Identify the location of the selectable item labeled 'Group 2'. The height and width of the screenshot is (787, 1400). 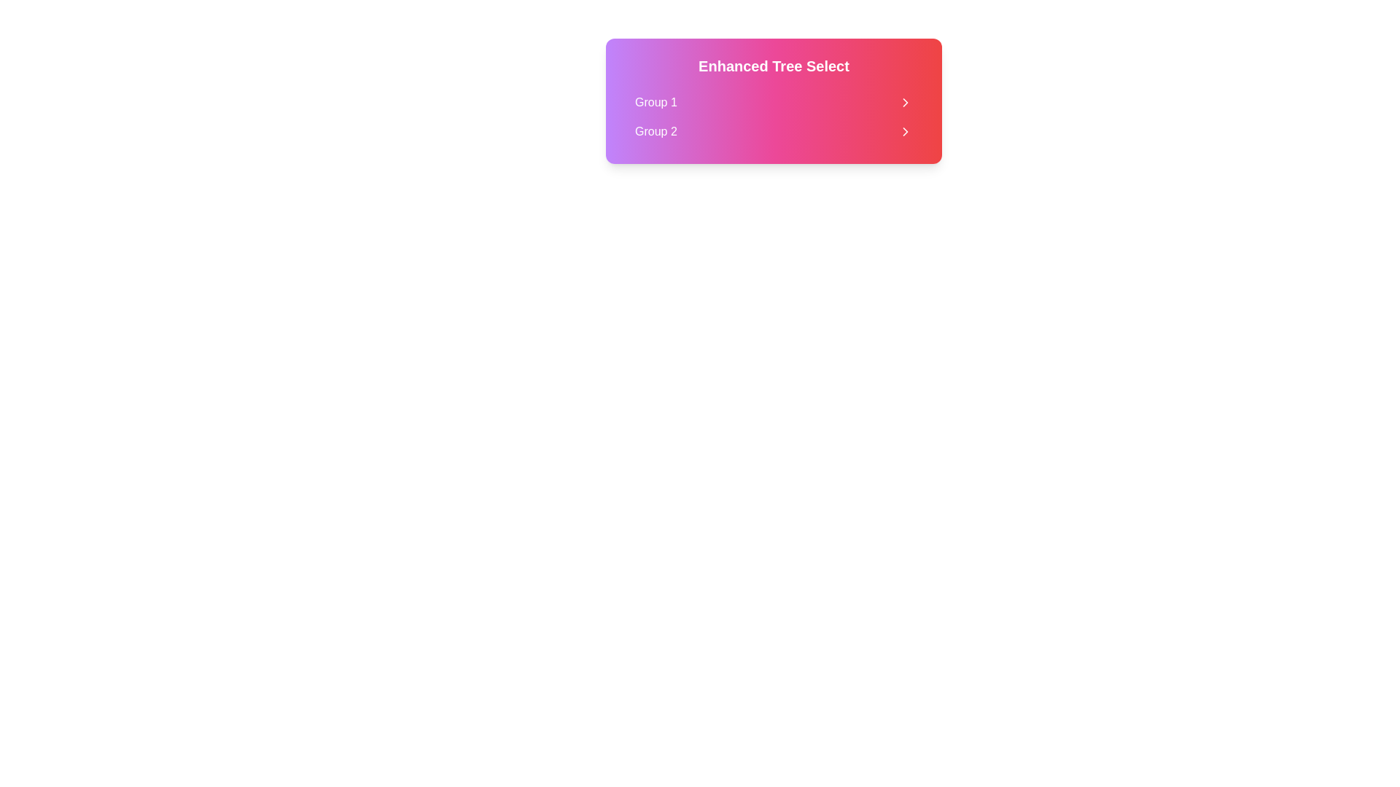
(773, 132).